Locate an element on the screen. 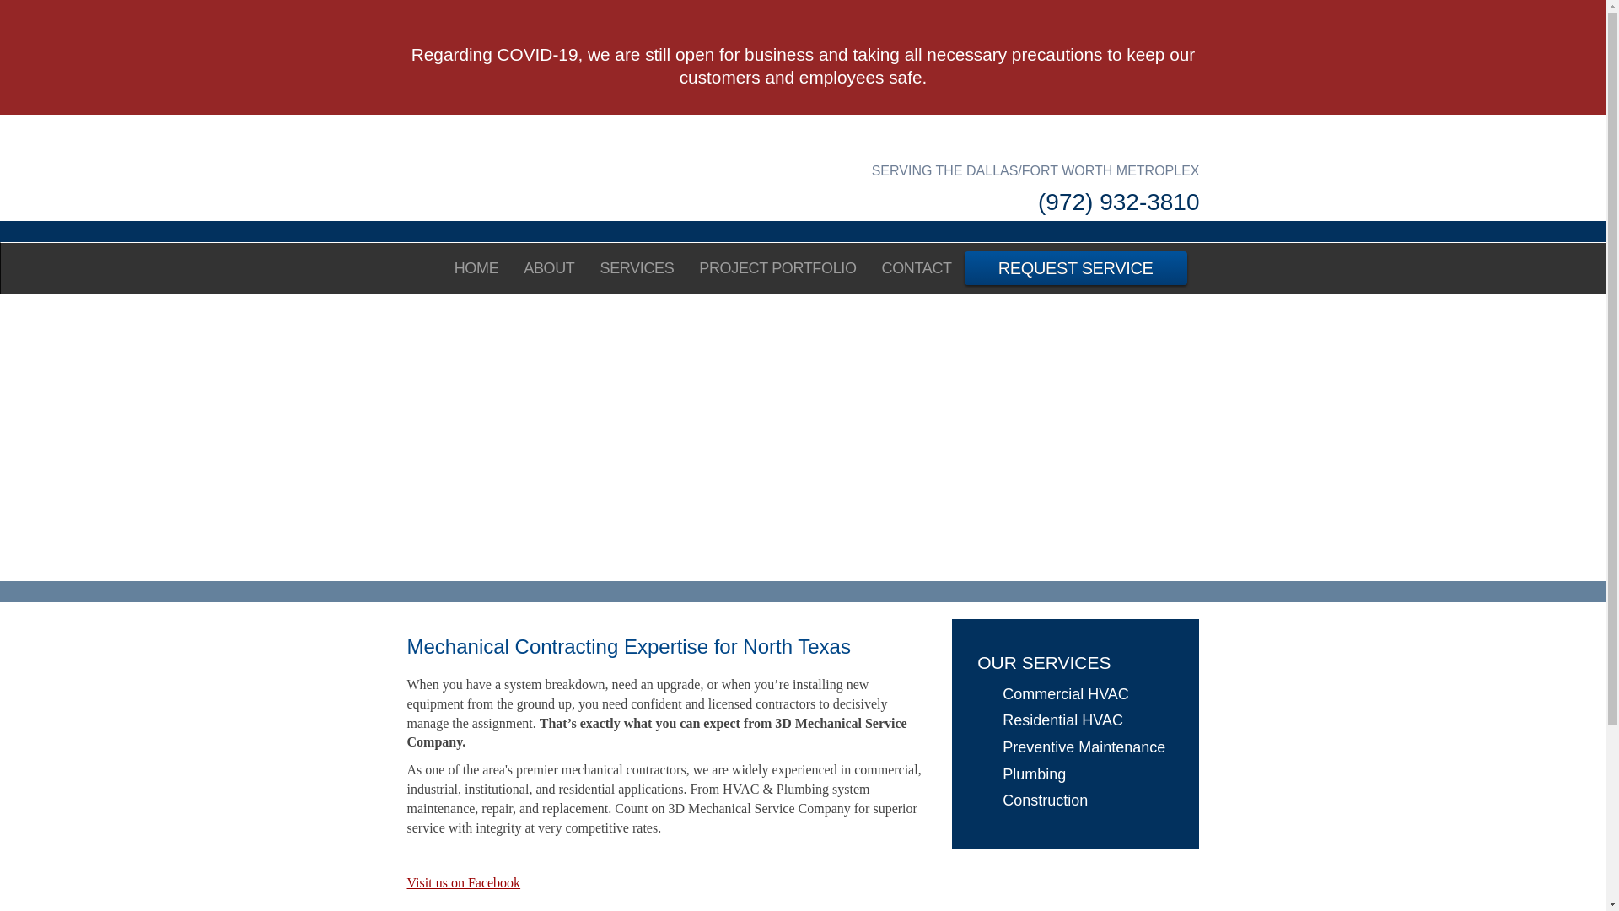 This screenshot has width=1619, height=911. 'REQUEST SERVICE' is located at coordinates (964, 267).